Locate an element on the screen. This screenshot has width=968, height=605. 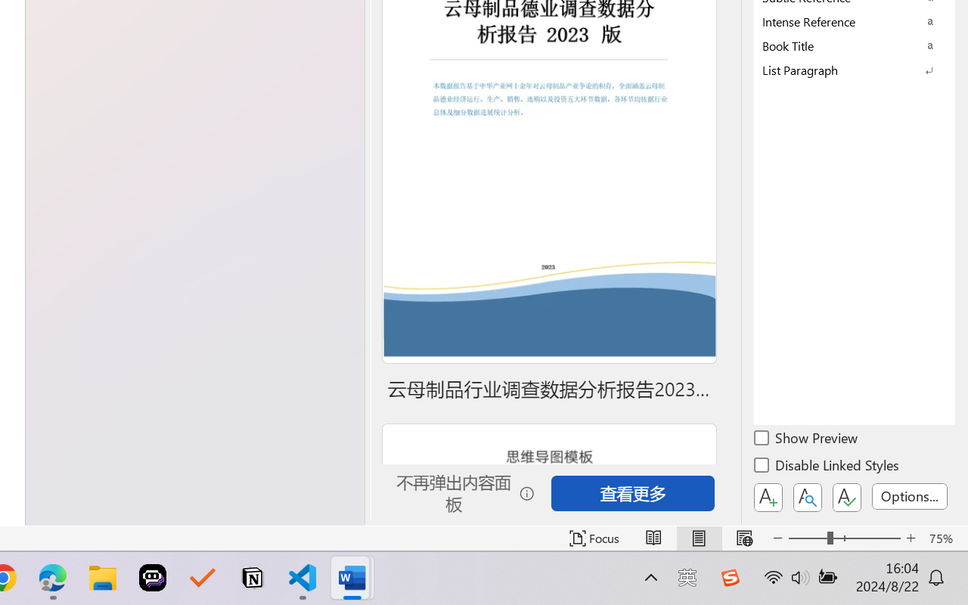
'List Paragraph' is located at coordinates (855, 70).